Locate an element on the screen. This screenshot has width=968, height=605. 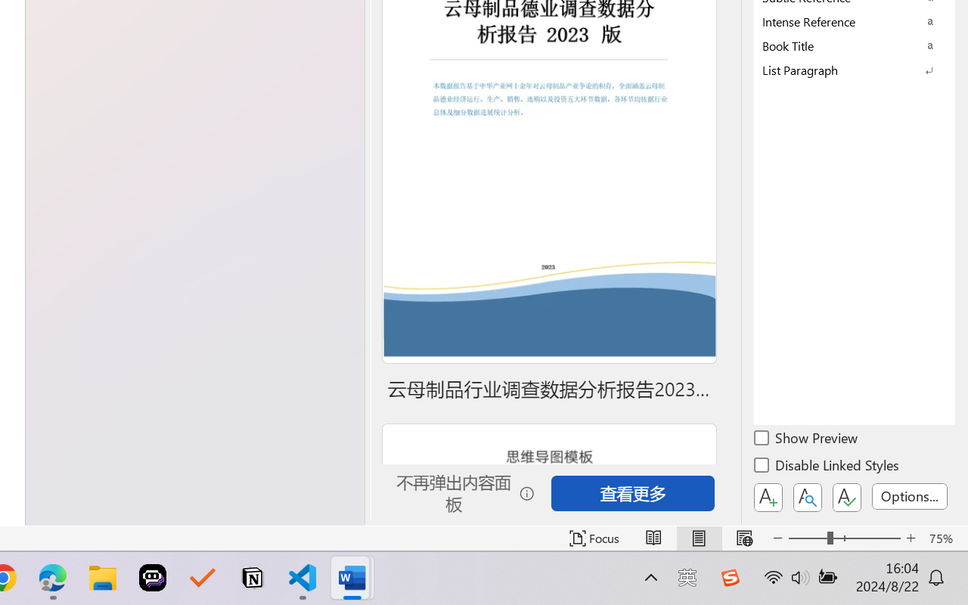
'List Paragraph' is located at coordinates (855, 70).